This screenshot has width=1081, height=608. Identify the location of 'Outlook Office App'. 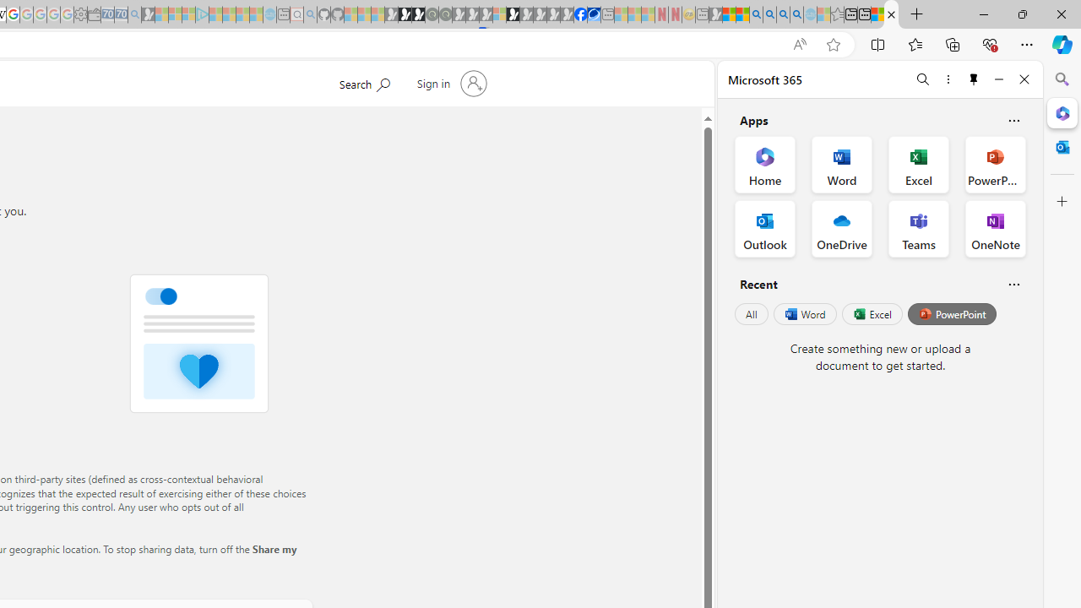
(764, 229).